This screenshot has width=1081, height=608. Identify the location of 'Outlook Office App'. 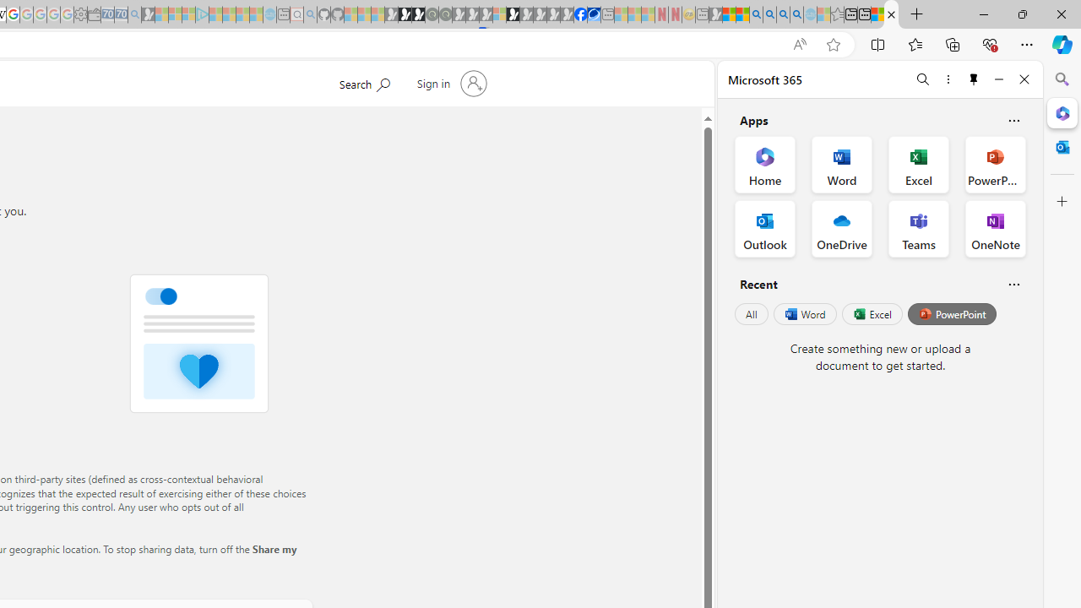
(764, 229).